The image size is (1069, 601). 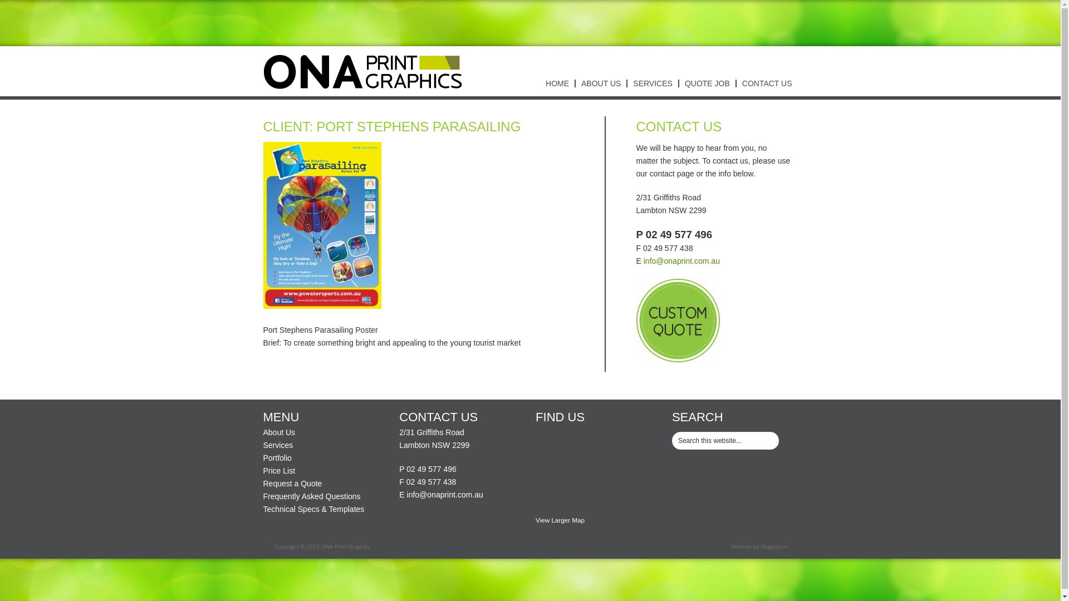 I want to click on 'About Us', so click(x=278, y=431).